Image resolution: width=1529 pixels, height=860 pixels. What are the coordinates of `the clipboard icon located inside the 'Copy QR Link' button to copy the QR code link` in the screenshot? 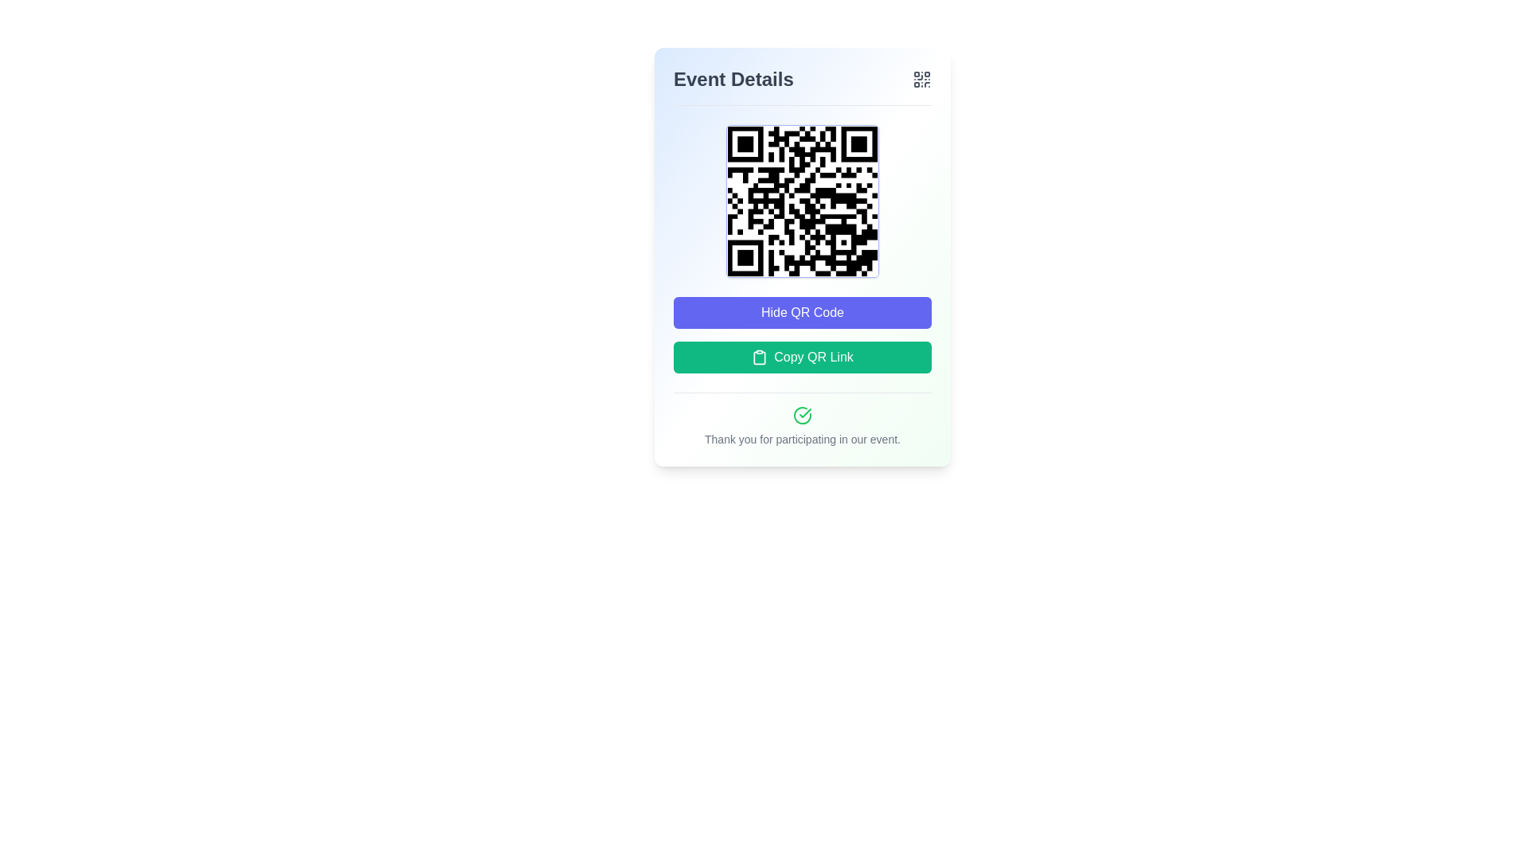 It's located at (759, 356).